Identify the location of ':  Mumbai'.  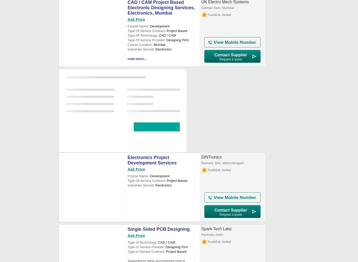
(152, 45).